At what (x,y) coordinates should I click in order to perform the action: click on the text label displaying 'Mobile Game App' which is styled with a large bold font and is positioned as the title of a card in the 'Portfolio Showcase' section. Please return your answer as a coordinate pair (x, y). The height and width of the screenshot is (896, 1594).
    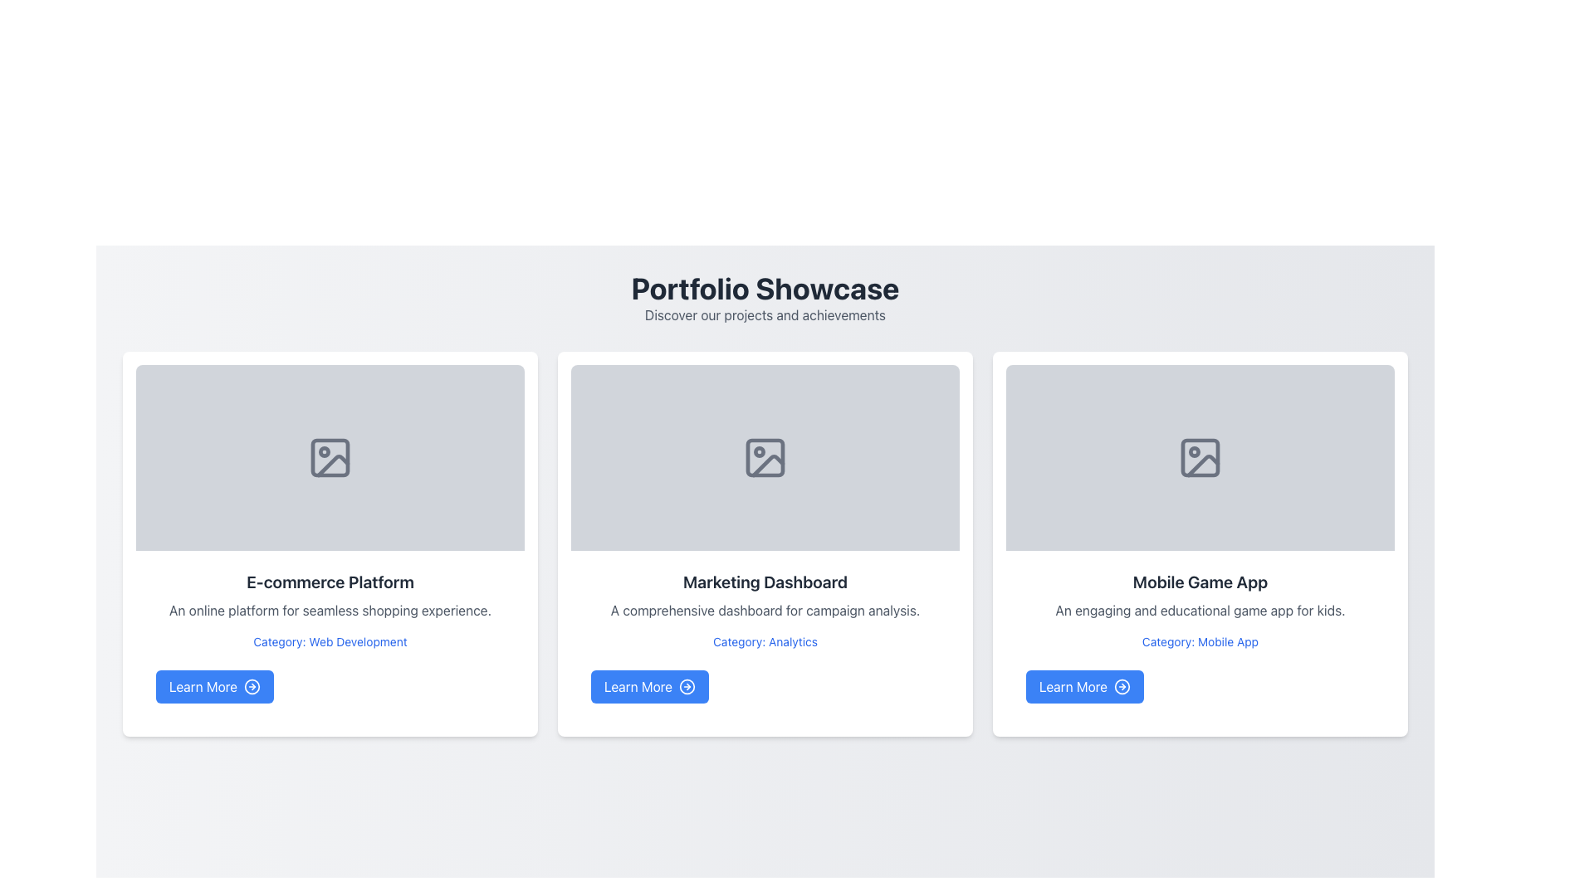
    Looking at the image, I should click on (1200, 582).